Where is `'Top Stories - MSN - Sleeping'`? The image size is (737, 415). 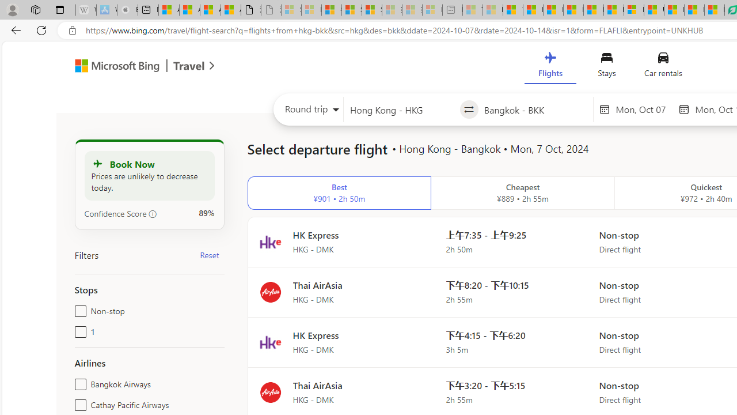 'Top Stories - MSN - Sleeping' is located at coordinates (473, 10).